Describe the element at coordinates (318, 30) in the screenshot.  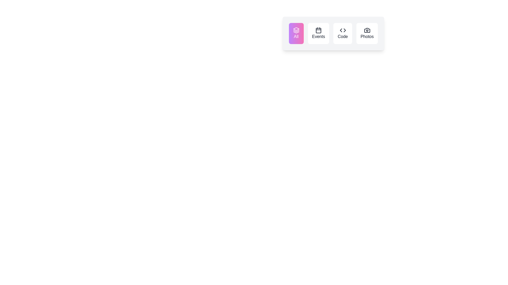
I see `the calendar icon button located above the 'Events' label` at that location.